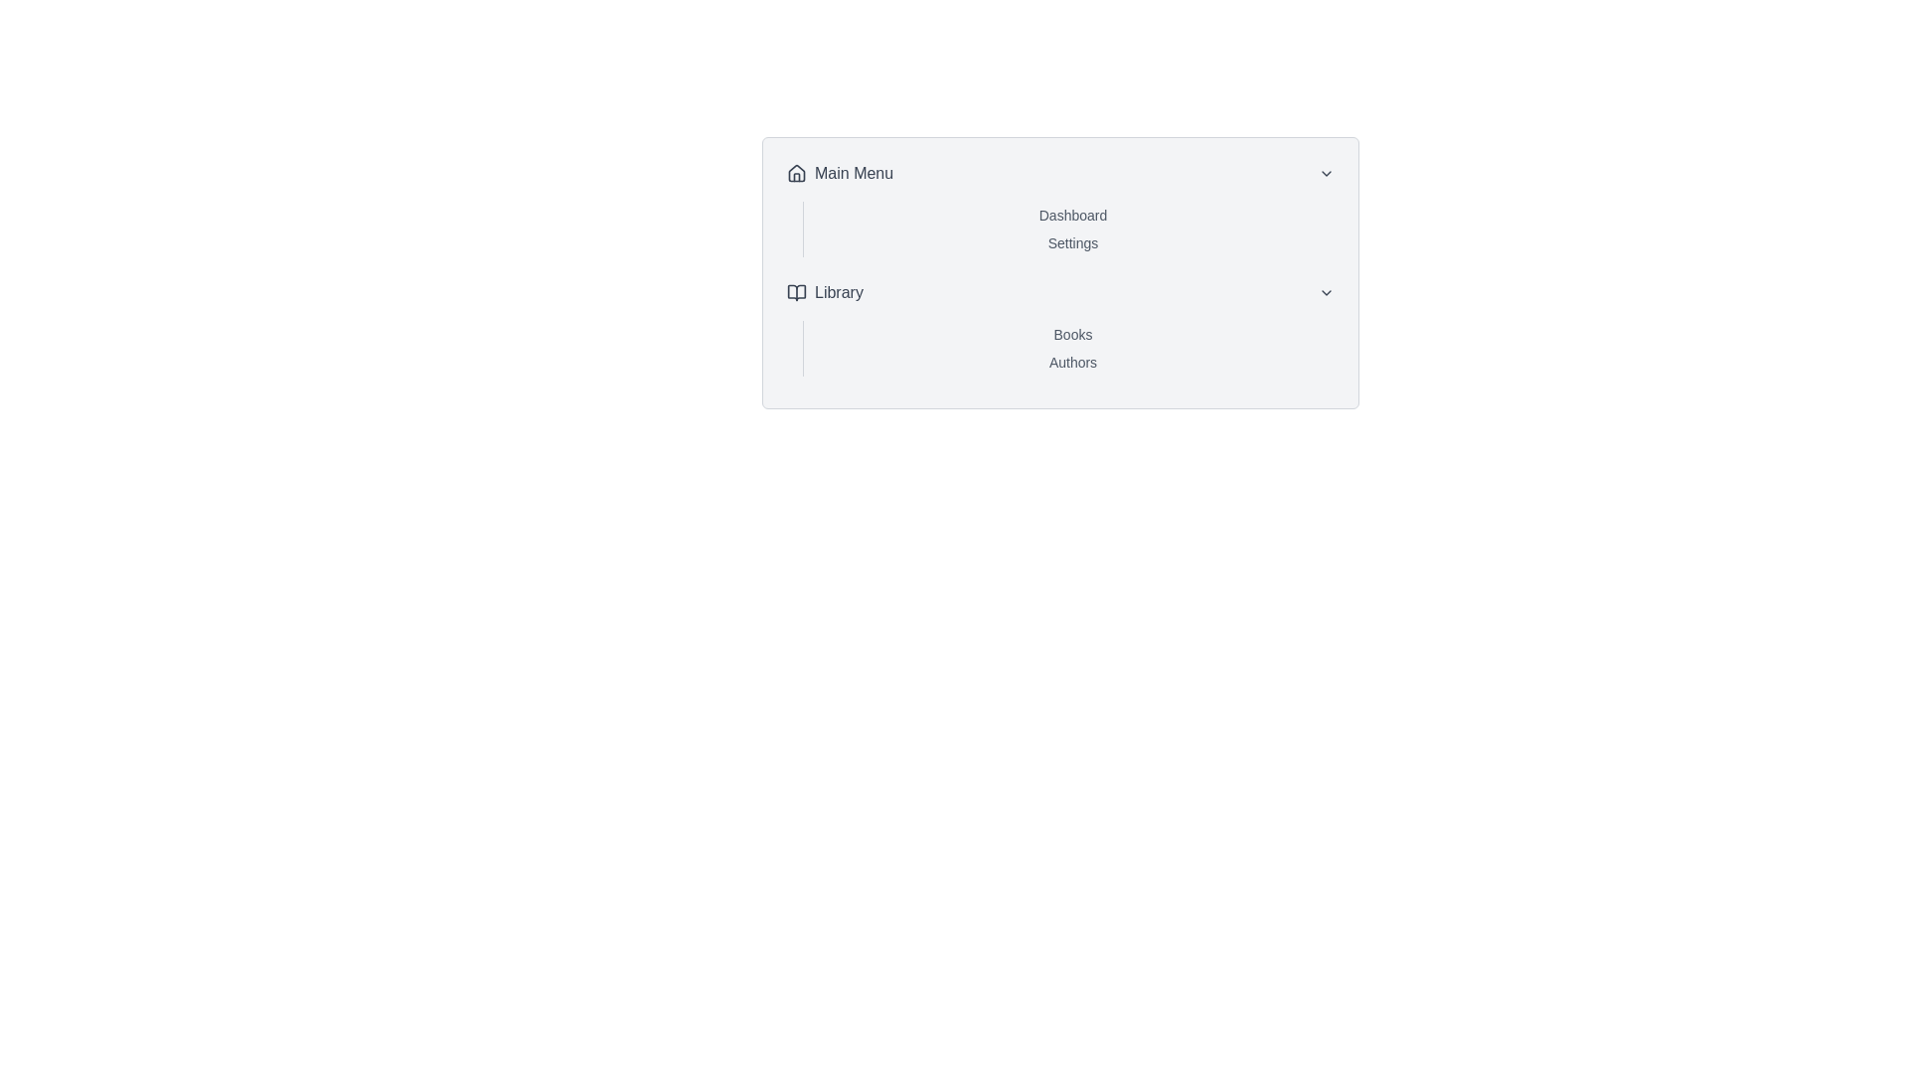  I want to click on the 'Library' menu item located below 'Dashboard' and 'Settings', and above 'Books' in the vertical menu, so click(1059, 292).